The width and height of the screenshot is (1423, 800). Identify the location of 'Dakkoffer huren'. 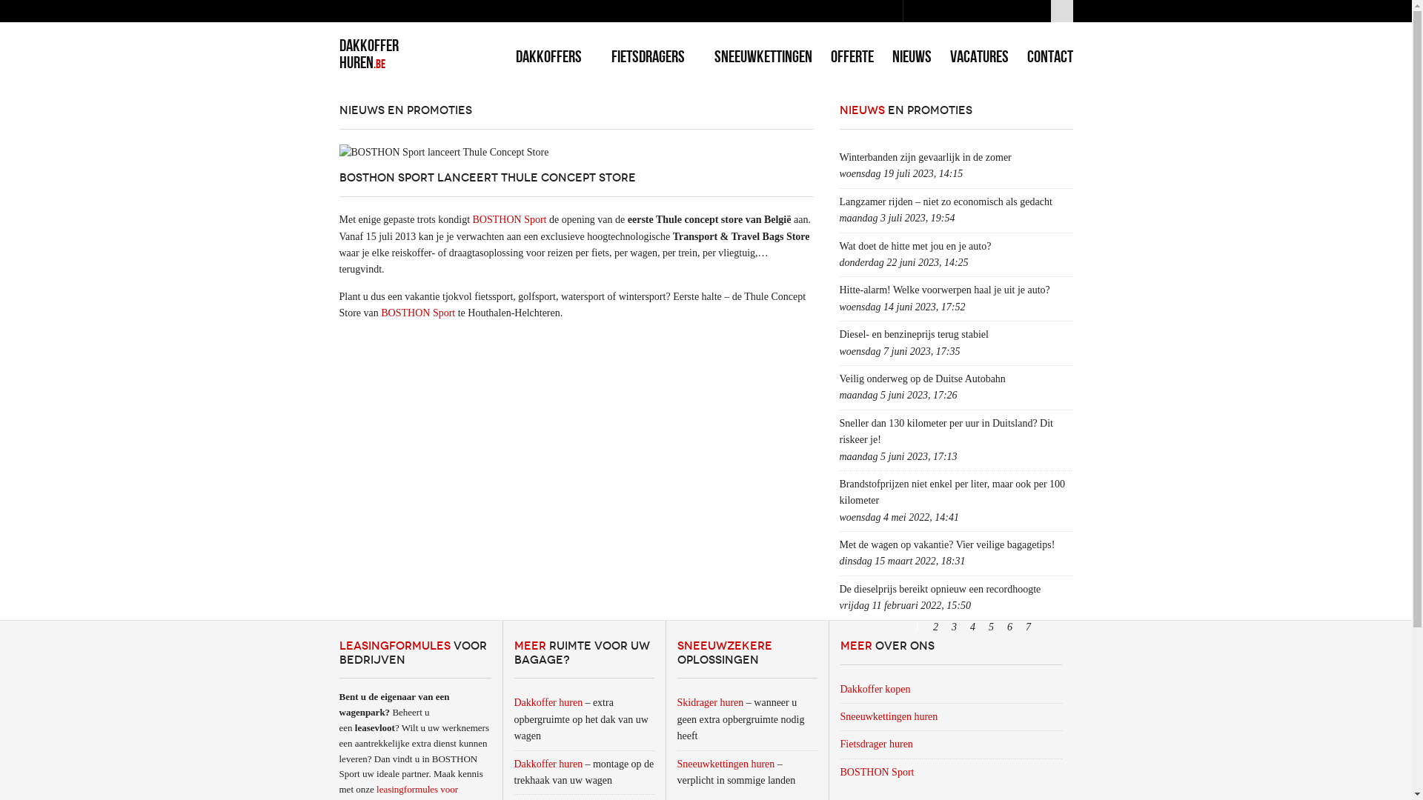
(548, 701).